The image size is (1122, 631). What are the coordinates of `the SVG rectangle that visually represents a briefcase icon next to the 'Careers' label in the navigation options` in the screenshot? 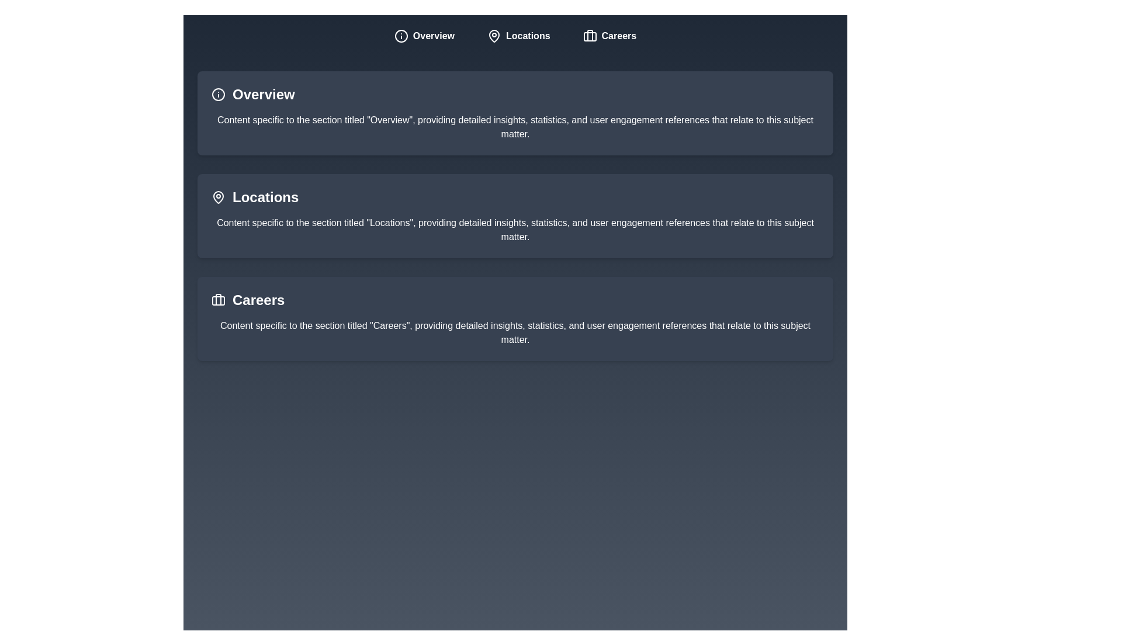 It's located at (219, 300).